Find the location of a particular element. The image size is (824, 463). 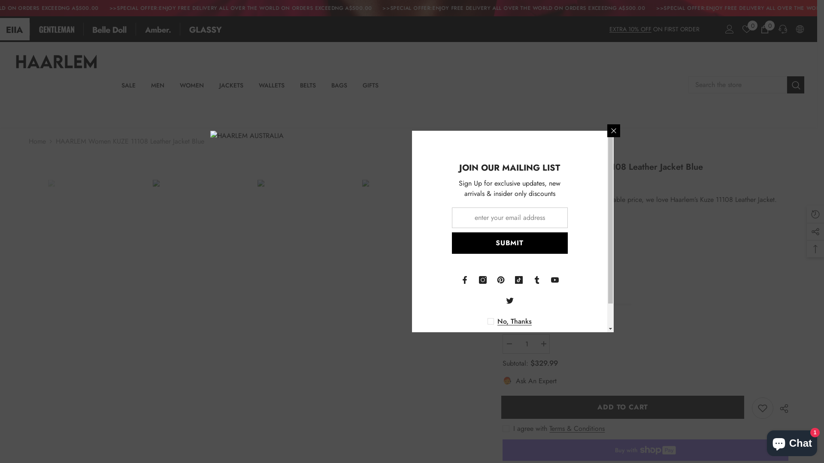

'YouTube' is located at coordinates (545, 280).